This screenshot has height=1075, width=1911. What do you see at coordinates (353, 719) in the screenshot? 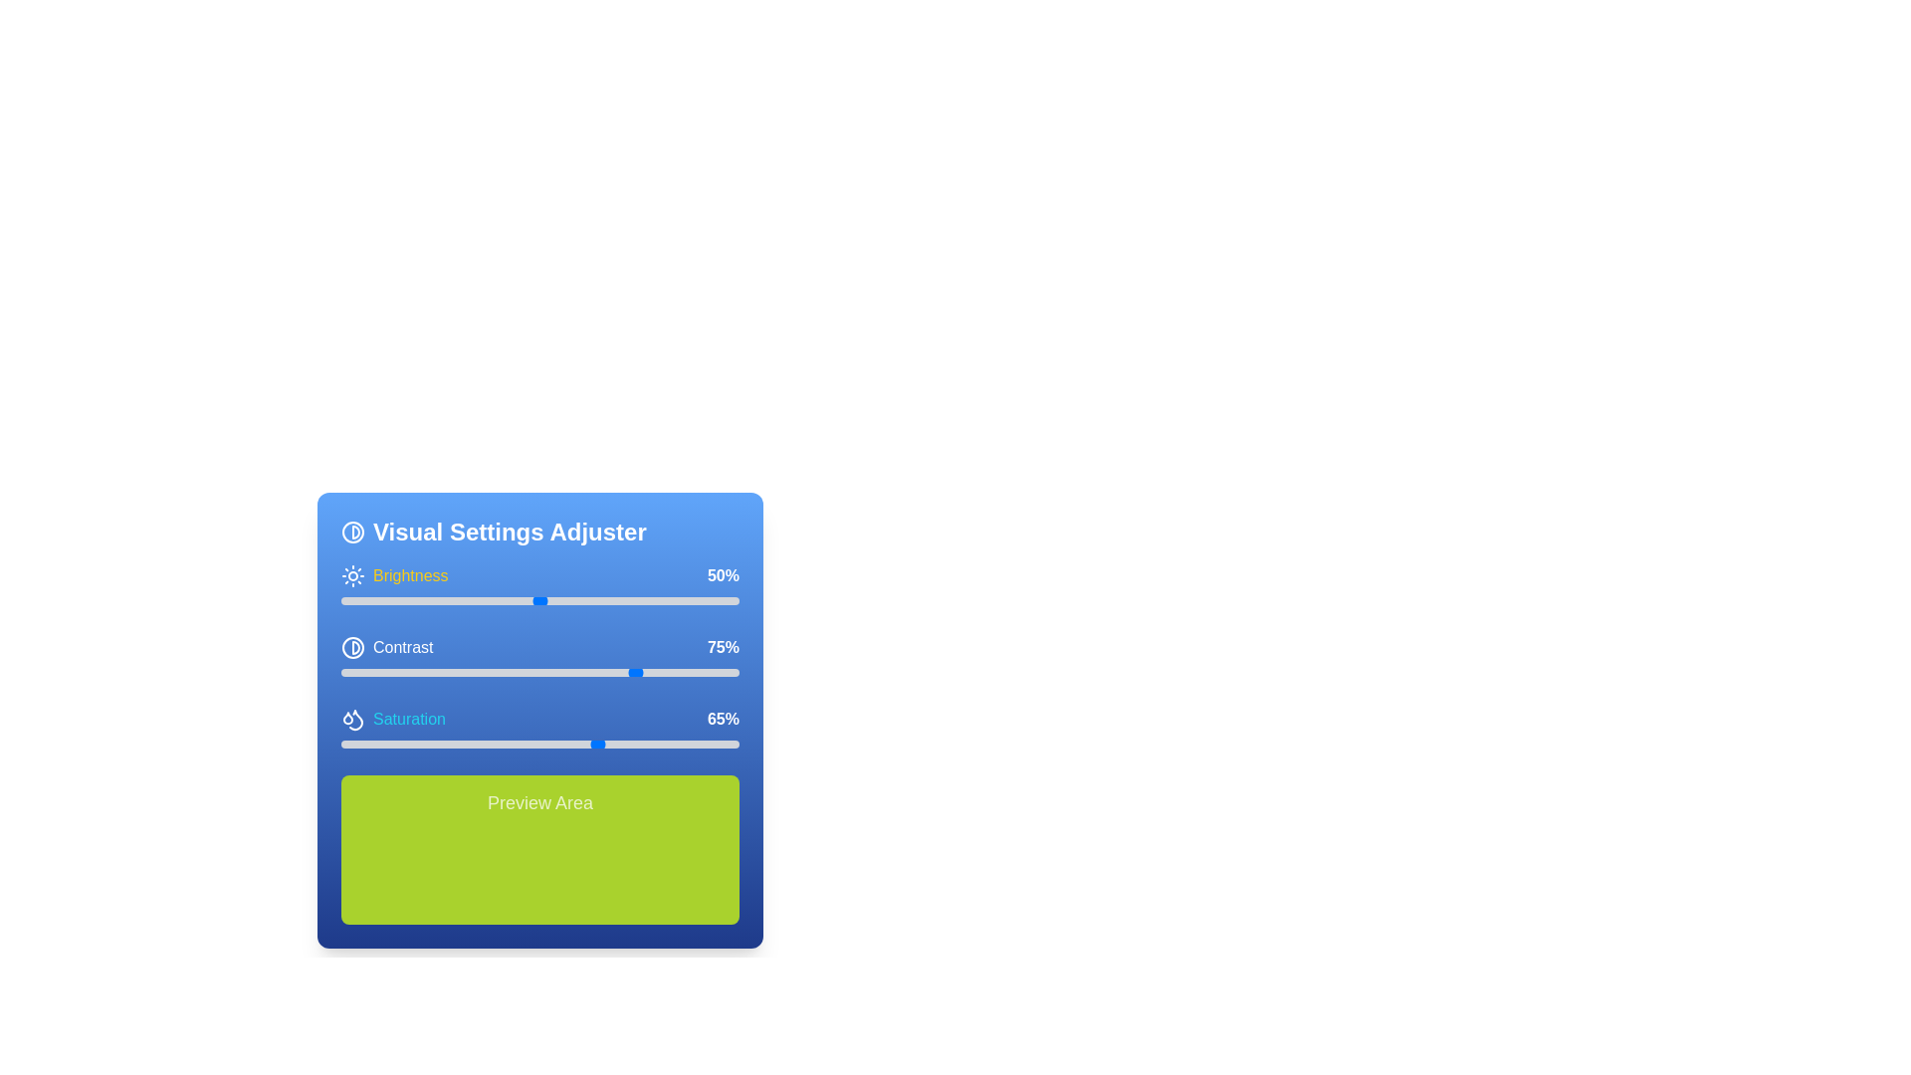
I see `the blue droplet icon in the 'Saturation' section, which is located directly to the left of the 'Saturation' text label` at bounding box center [353, 719].